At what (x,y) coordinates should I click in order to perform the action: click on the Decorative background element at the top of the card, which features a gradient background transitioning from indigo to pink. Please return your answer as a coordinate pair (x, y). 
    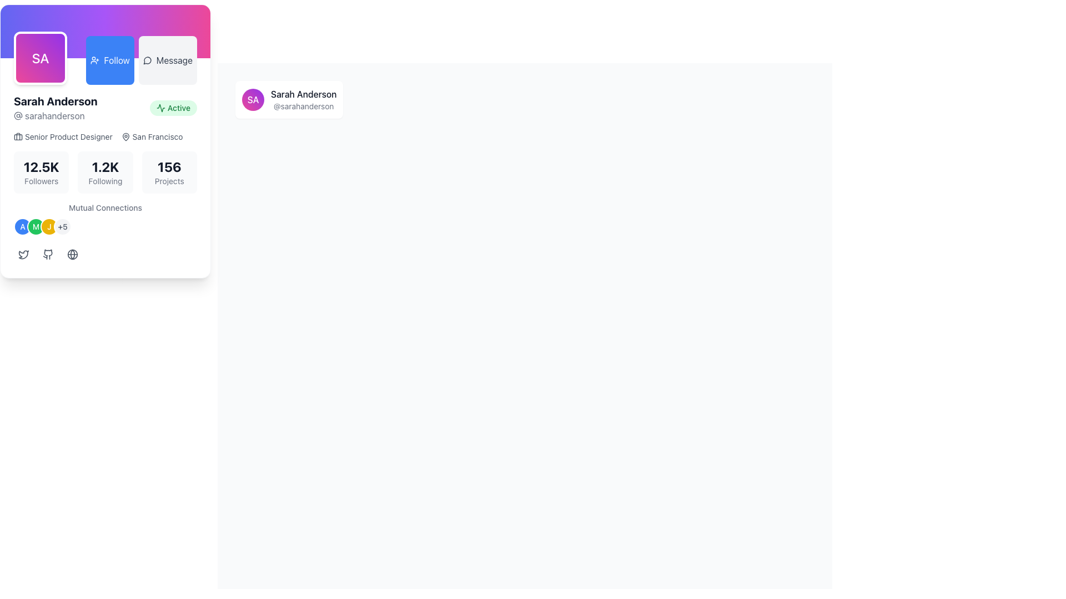
    Looking at the image, I should click on (105, 31).